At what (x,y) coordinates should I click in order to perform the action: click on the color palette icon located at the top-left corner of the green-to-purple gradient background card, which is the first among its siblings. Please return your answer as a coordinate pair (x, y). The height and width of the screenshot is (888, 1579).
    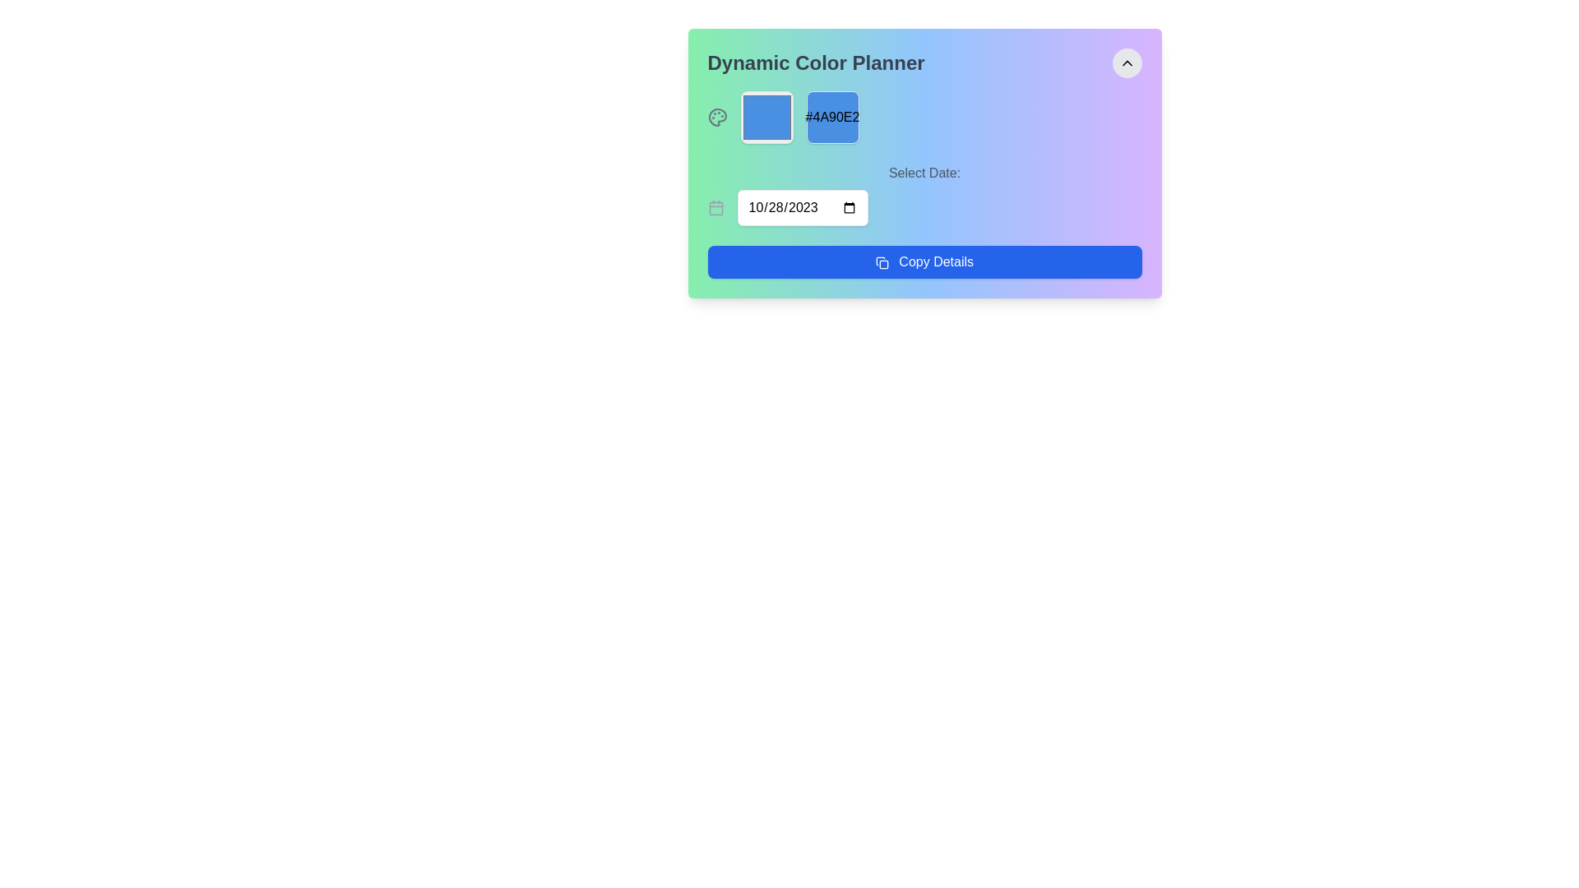
    Looking at the image, I should click on (717, 116).